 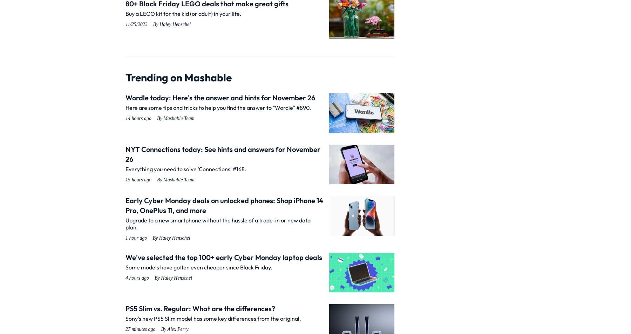 I want to click on '15 hours ago', so click(x=138, y=179).